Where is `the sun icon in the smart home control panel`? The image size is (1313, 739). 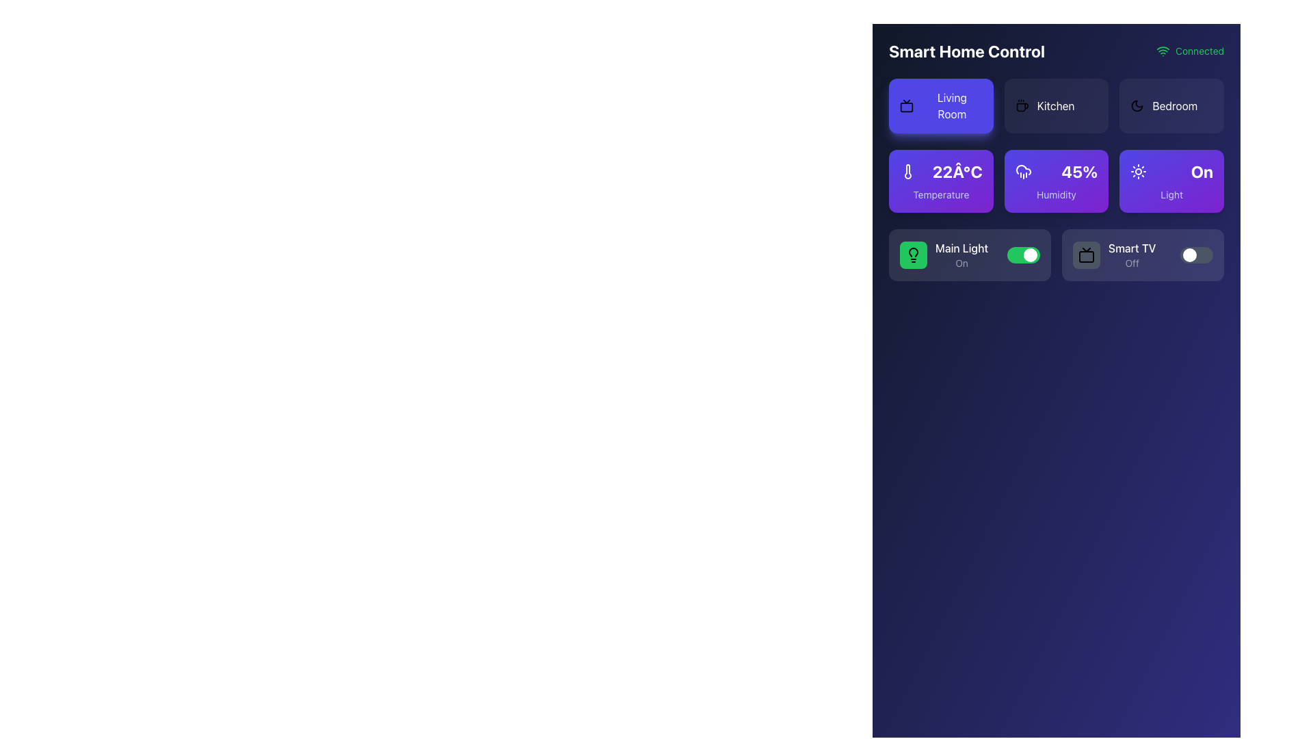 the sun icon in the smart home control panel is located at coordinates (1139, 170).